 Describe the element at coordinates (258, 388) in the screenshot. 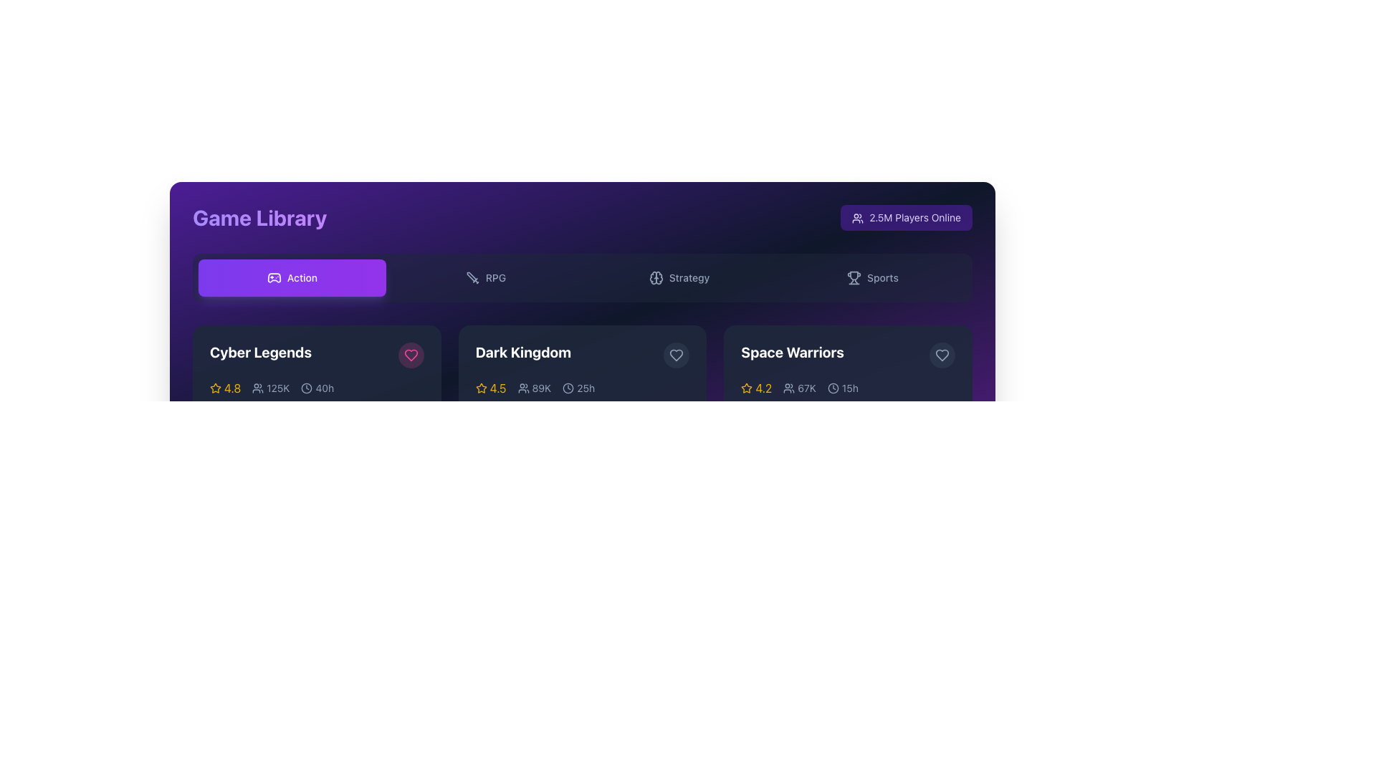

I see `the user group icon that is stylized with three users, positioned to the left of the '125K' text under the 'Cyber Legends' title in the action game category section` at that location.